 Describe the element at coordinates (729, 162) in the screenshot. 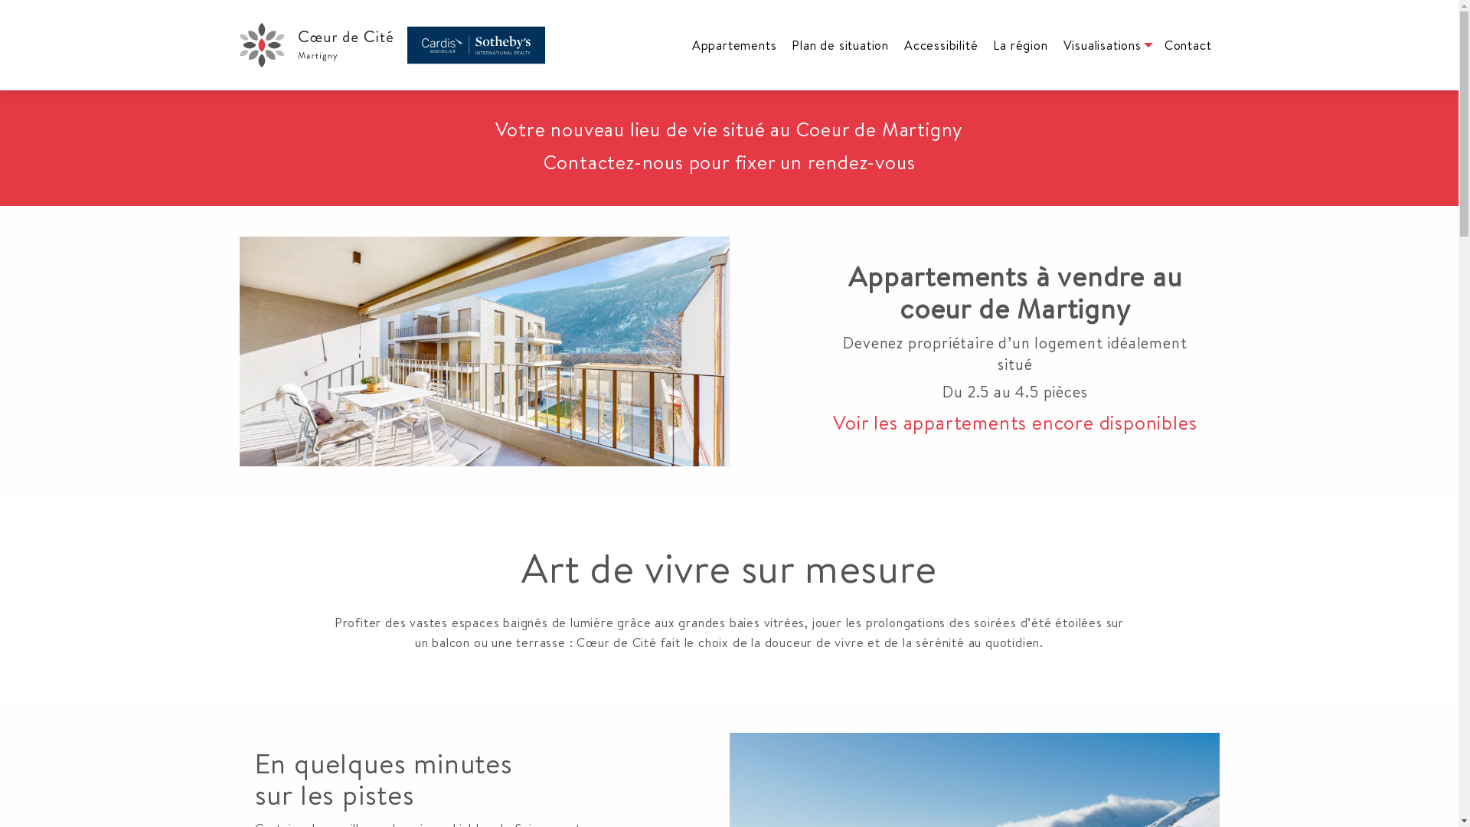

I see `'Contactez-nous pour fixer un rendez-vous'` at that location.